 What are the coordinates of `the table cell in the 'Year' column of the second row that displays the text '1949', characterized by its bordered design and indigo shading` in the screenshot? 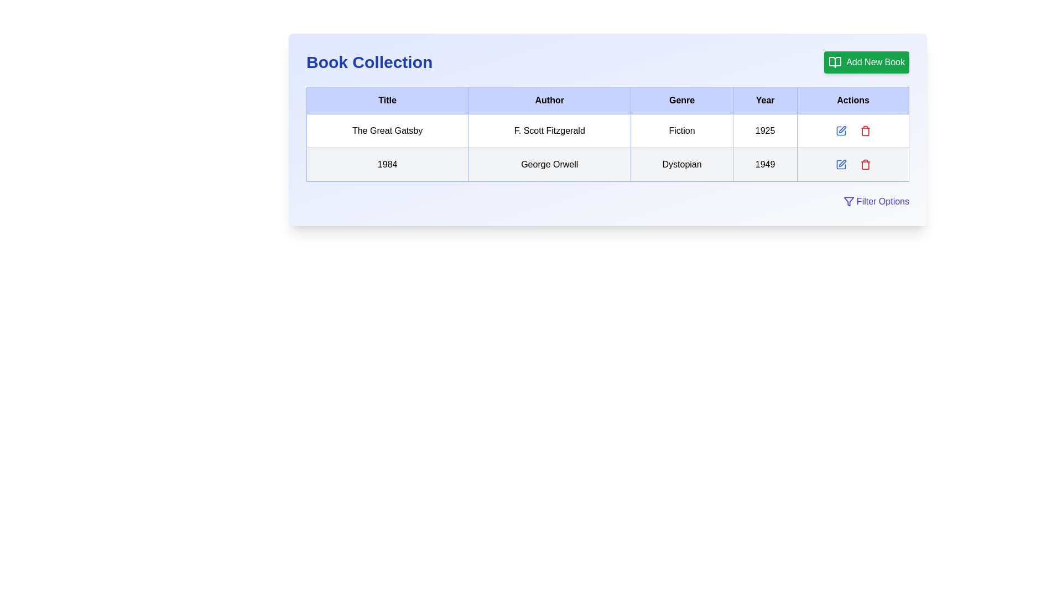 It's located at (764, 164).